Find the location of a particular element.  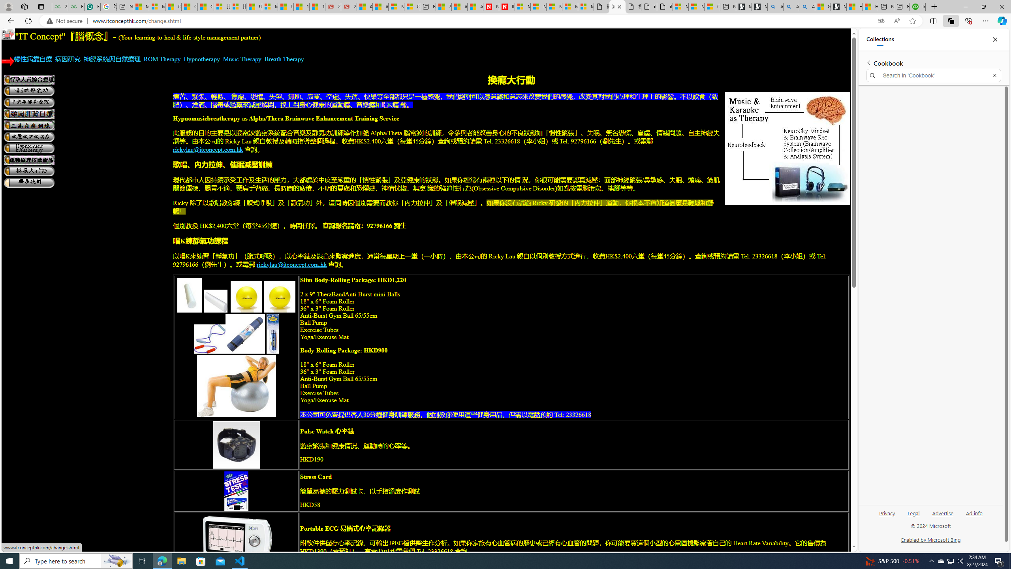

'Hypnotherapy' is located at coordinates (202, 59).